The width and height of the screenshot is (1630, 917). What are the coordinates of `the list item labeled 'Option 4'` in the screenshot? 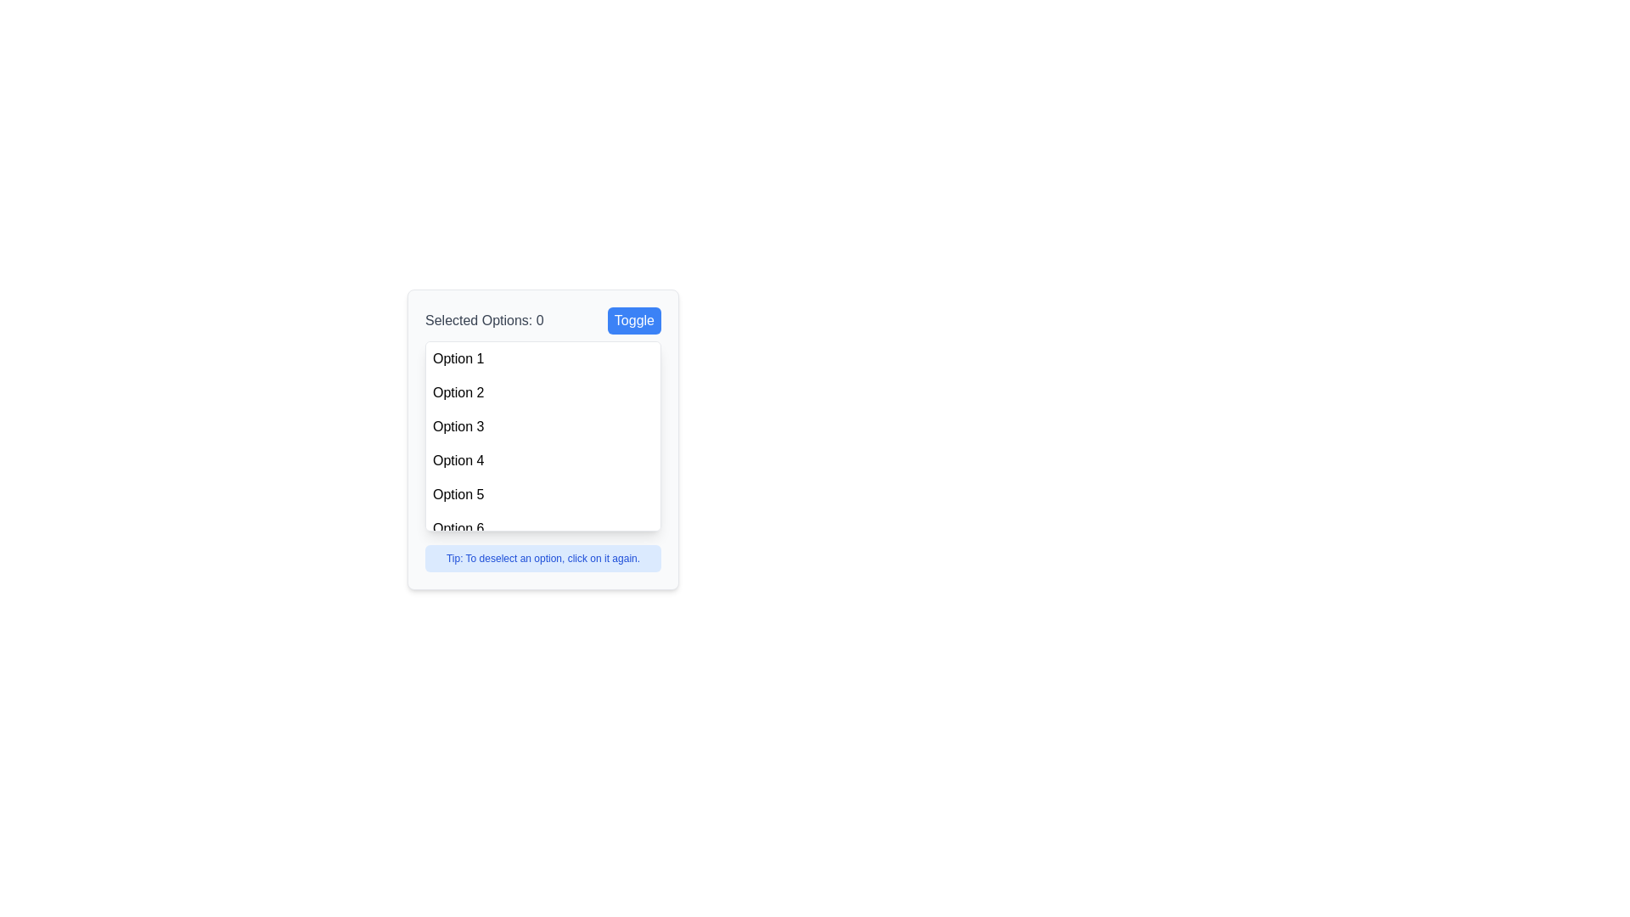 It's located at (458, 461).